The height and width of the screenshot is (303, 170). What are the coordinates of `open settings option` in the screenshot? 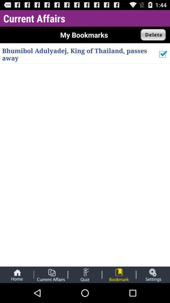 It's located at (153, 274).